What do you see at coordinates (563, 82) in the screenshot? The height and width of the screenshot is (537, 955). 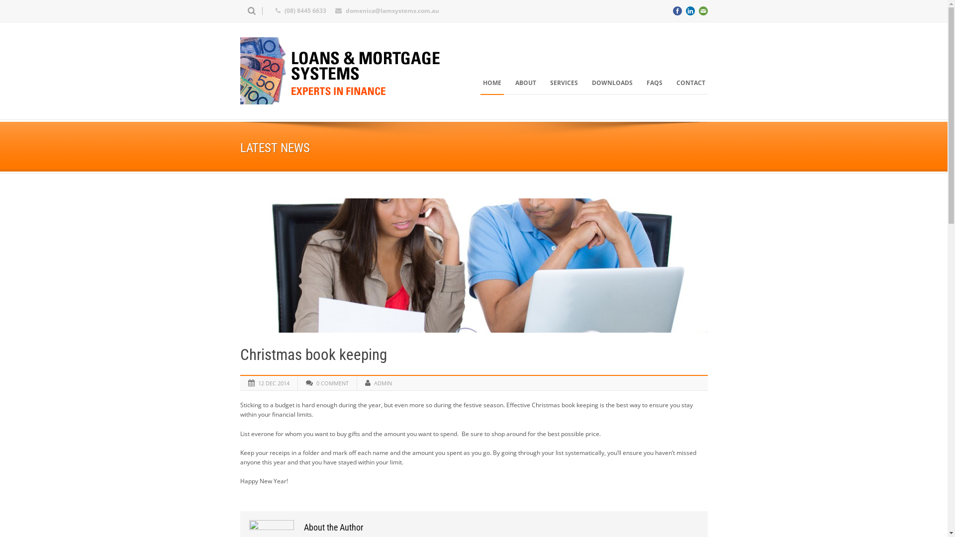 I see `'SERVICES'` at bounding box center [563, 82].